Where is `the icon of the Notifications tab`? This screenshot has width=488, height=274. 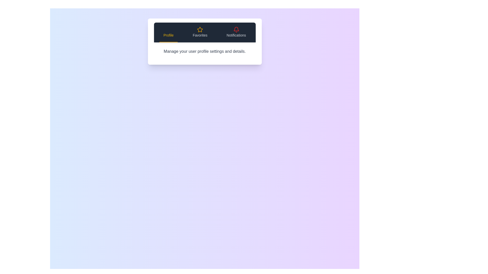
the icon of the Notifications tab is located at coordinates (236, 29).